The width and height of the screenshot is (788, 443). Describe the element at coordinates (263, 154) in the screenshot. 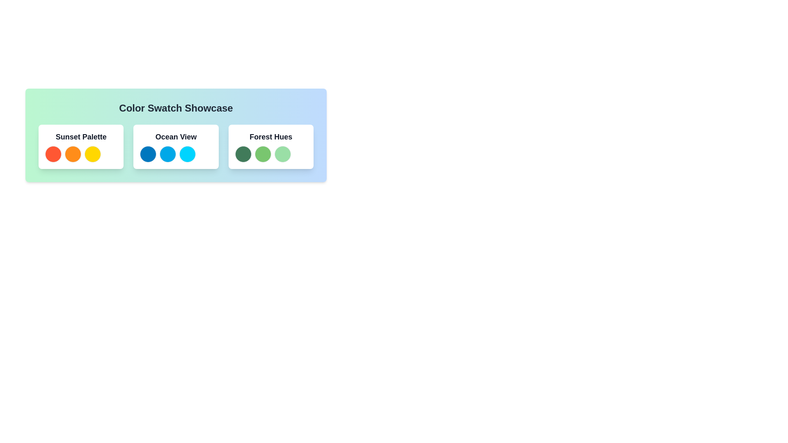

I see `the second color swatch in the 'Forest Hues' group` at that location.